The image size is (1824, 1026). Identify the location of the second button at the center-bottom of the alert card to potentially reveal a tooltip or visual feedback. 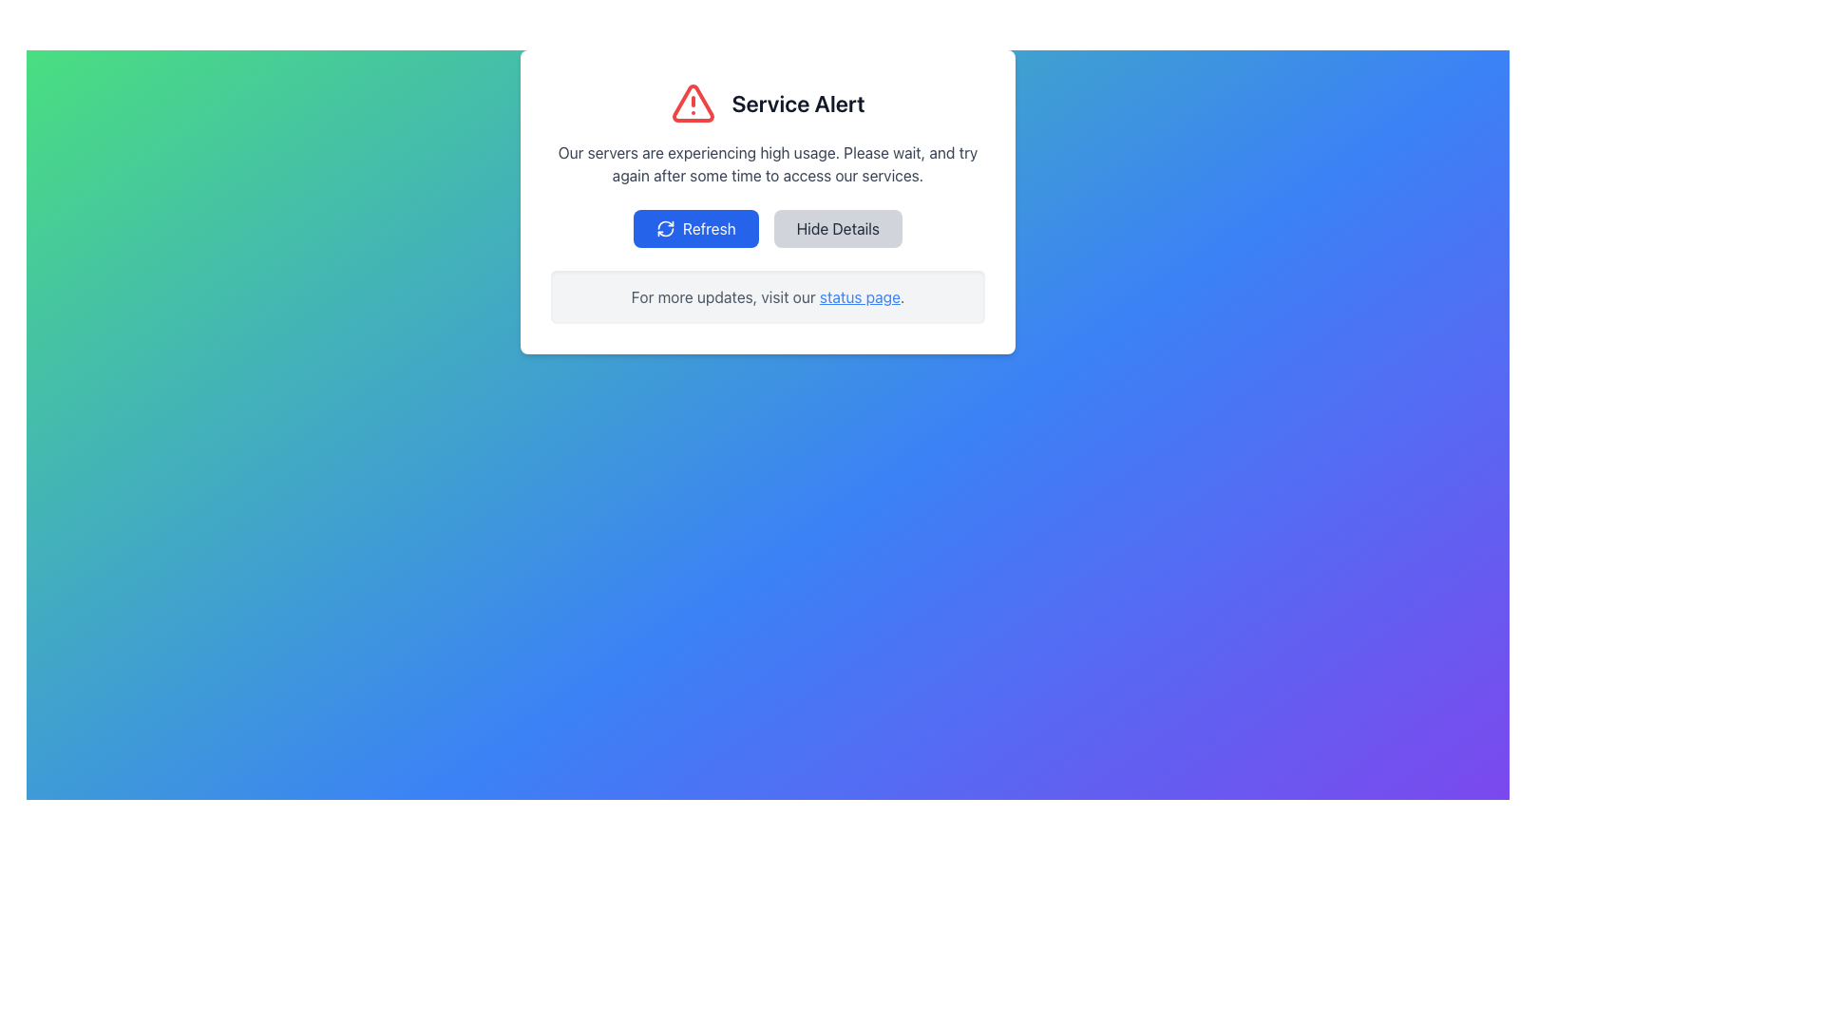
(837, 227).